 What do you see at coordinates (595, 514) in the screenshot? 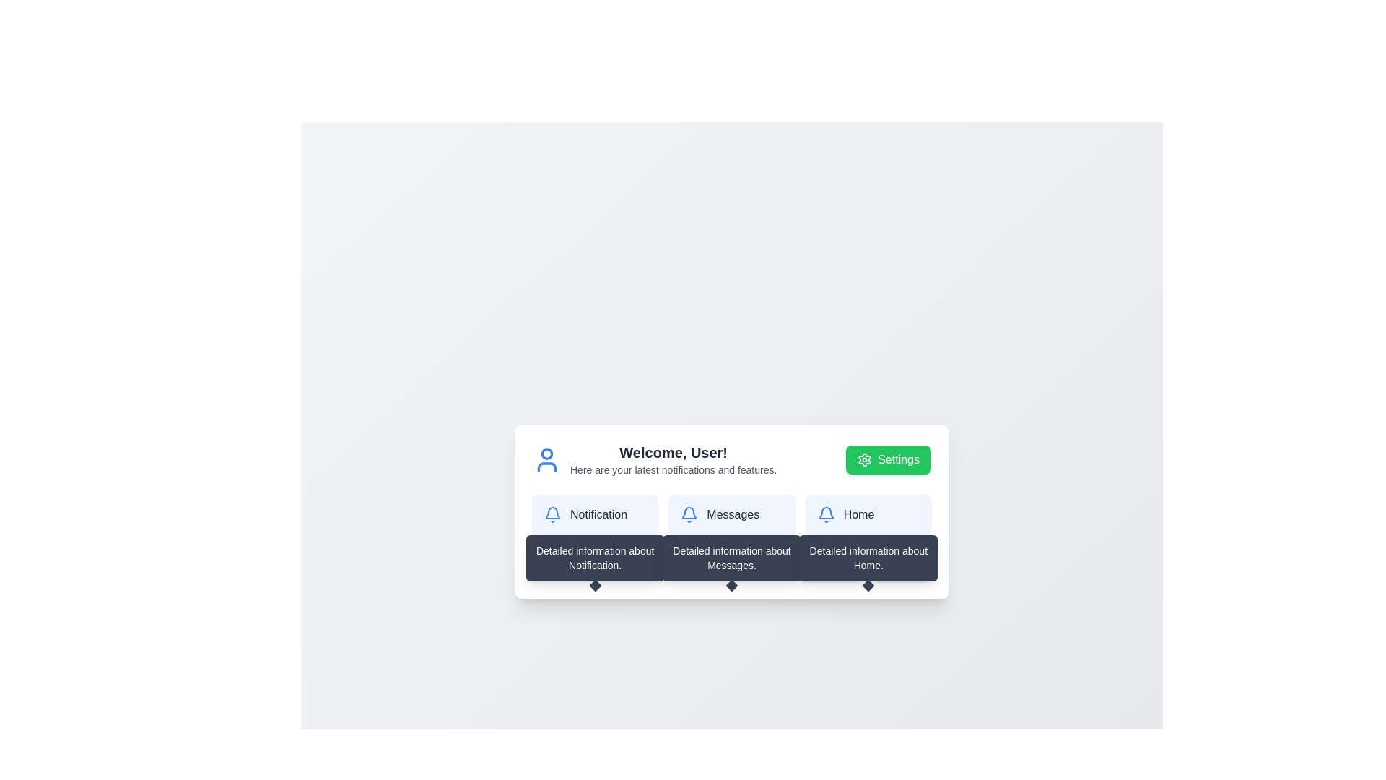
I see `the 'Notification' button card, which is a rounded rectangular white card with a slight blue tint, displaying a bell icon and the text 'Notification' in black, located in the first column of a three-column grid layout` at bounding box center [595, 514].